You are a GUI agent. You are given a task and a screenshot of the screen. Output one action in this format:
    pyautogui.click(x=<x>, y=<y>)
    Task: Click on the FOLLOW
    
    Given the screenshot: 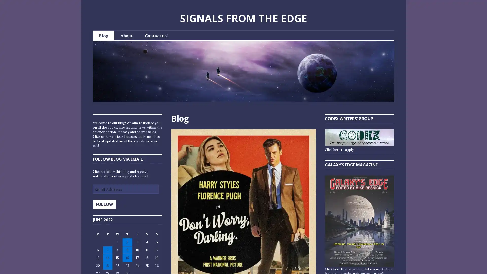 What is the action you would take?
    pyautogui.click(x=104, y=204)
    